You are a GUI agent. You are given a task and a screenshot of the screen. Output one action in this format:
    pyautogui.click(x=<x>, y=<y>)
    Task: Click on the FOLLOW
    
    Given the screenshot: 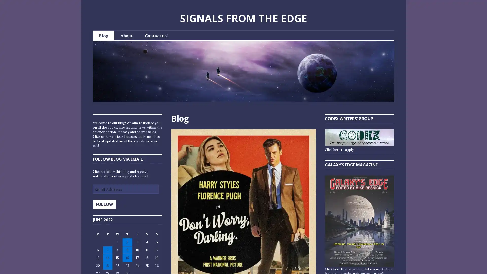 What is the action you would take?
    pyautogui.click(x=104, y=204)
    